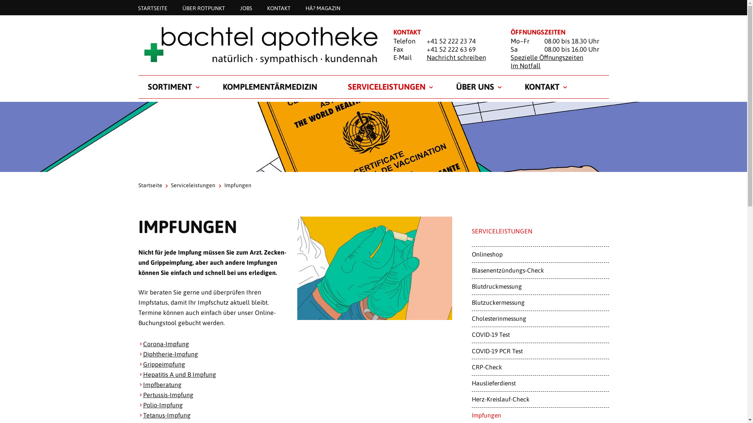  I want to click on 'Grippeimpfung', so click(143, 364).